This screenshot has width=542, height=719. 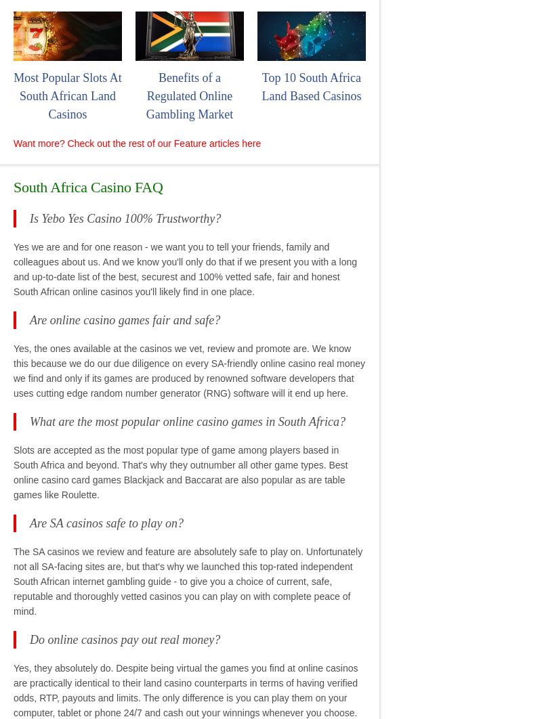 I want to click on 'Slots are accepted as the most popular type of game among players based in South Africa and beyond. That's why they outnumber all other game types. Best online casino card games Blackjack and Baccarat are also popular as are table games like Roulette.', so click(x=180, y=471).